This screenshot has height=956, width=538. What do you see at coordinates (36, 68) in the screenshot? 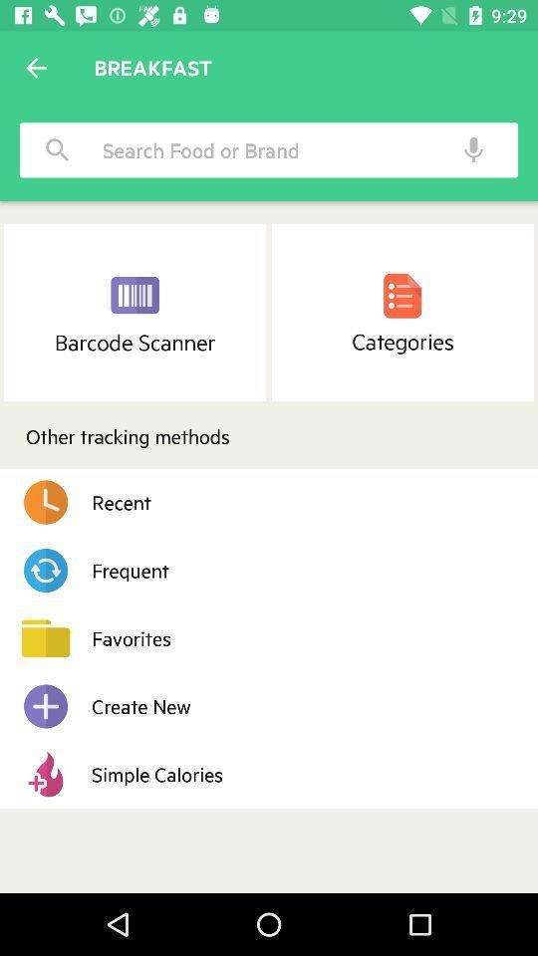
I see `the icon next to breakfast item` at bounding box center [36, 68].